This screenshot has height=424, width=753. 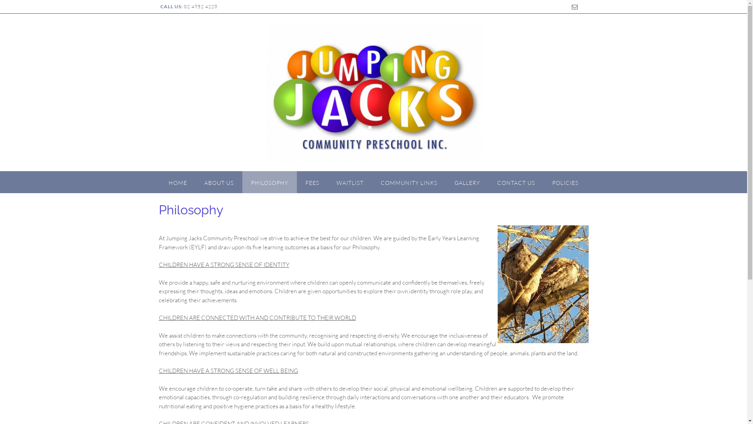 I want to click on 'COMMUNITY LINKS', so click(x=408, y=182).